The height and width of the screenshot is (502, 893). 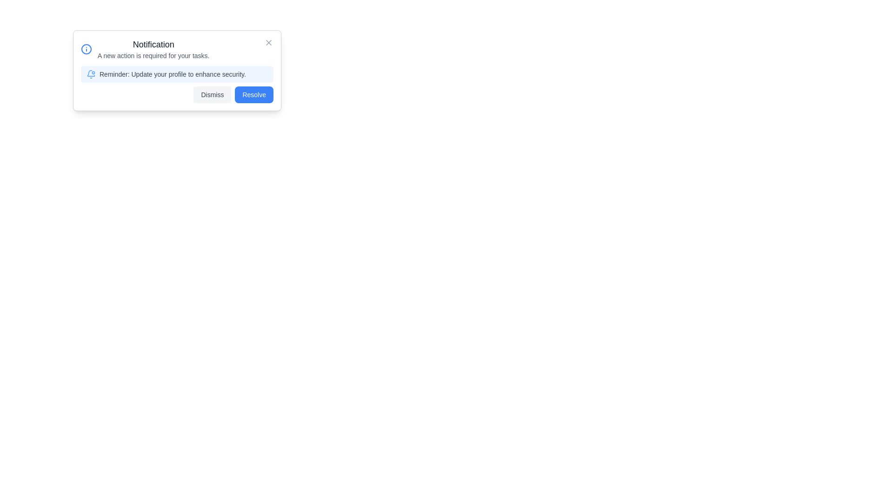 What do you see at coordinates (153, 45) in the screenshot?
I see `the text label reading 'Notification', which is bold, larger than surrounding text, and dark gray in color, located at the top-left section of a notification card` at bounding box center [153, 45].